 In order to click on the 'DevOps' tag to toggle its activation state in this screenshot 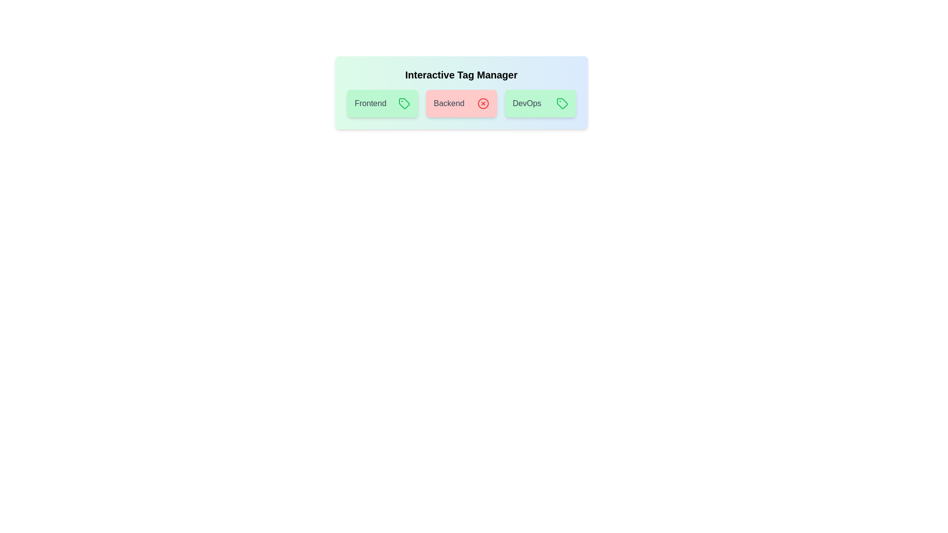, I will do `click(540, 103)`.